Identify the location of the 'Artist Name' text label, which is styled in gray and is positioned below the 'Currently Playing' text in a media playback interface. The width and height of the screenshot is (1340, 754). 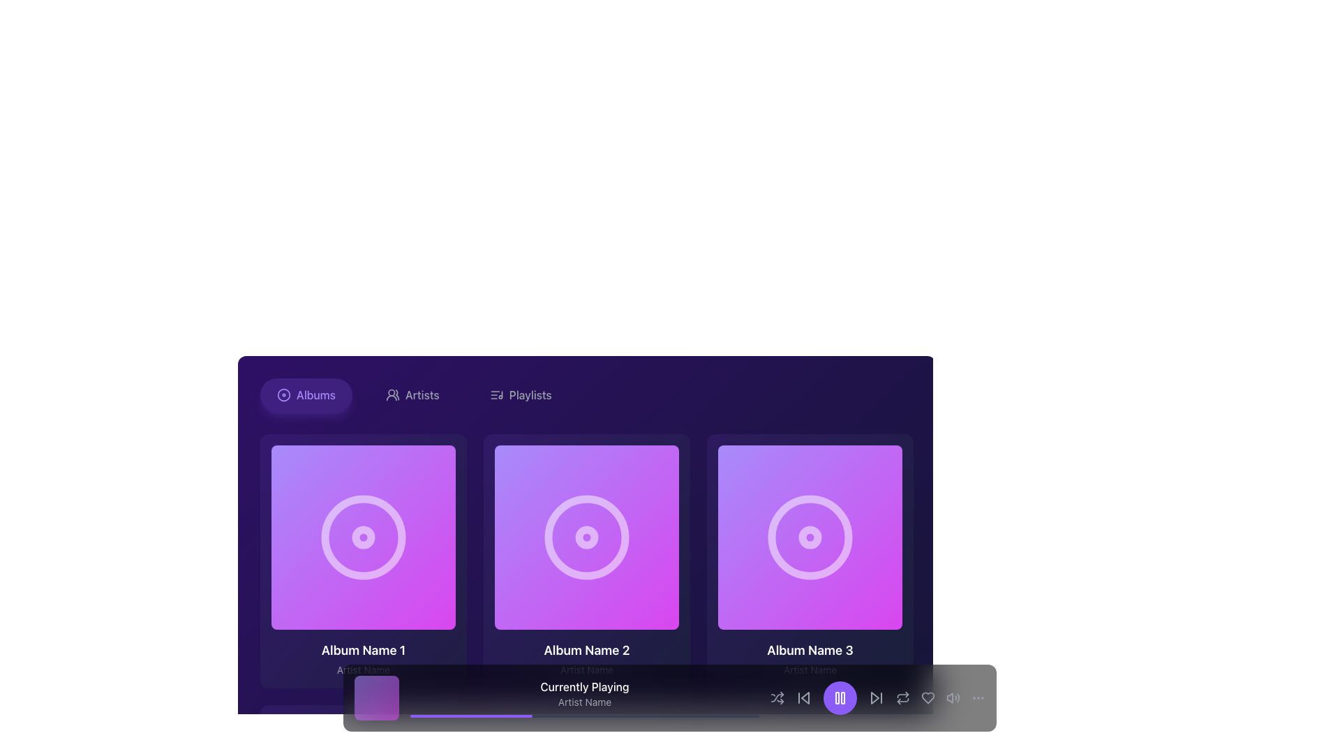
(585, 702).